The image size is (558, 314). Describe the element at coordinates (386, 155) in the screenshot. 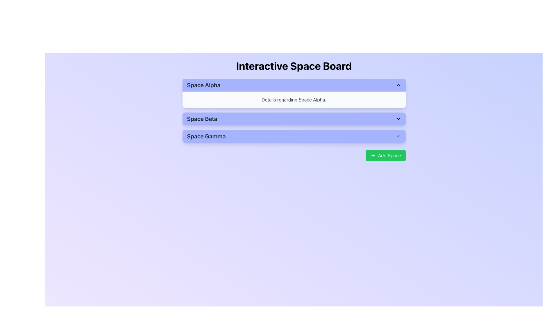

I see `the green rectangular button labeled 'Add Space'` at that location.